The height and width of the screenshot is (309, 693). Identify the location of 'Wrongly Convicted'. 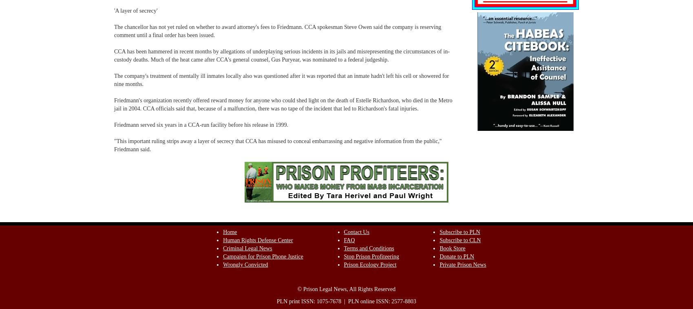
(245, 265).